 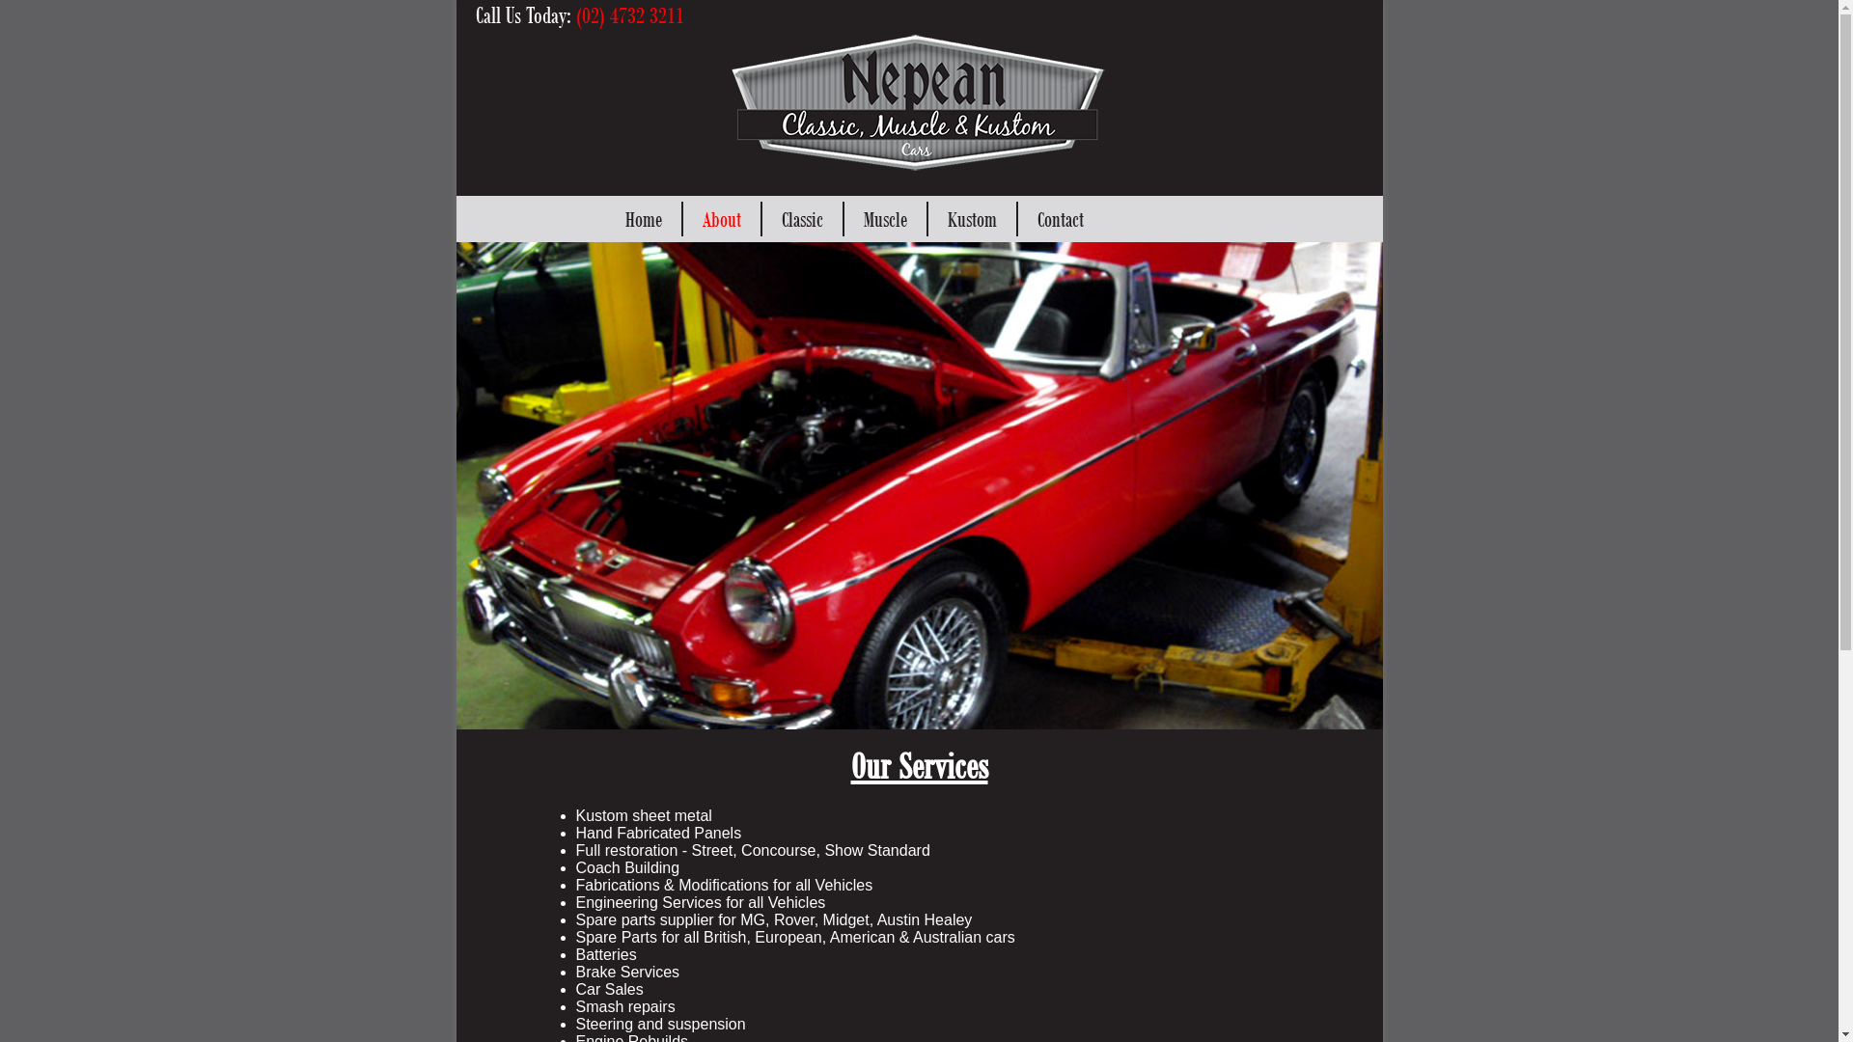 I want to click on 'Contact', so click(x=1059, y=218).